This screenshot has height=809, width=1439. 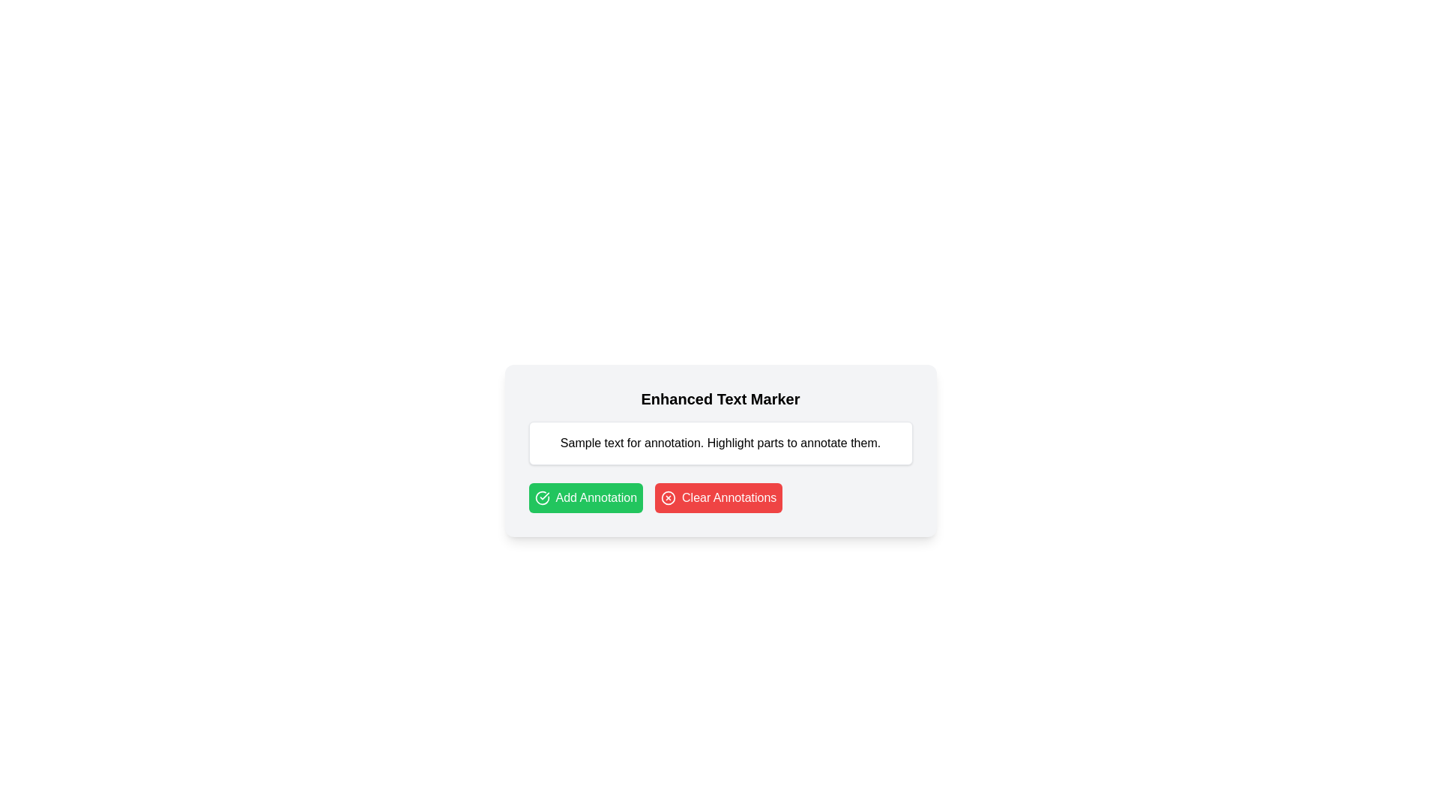 What do you see at coordinates (654, 442) in the screenshot?
I see `the letter 'n' in the word 'annotation' displayed in the white text box beneath the header 'Enhanced Text Marker'` at bounding box center [654, 442].